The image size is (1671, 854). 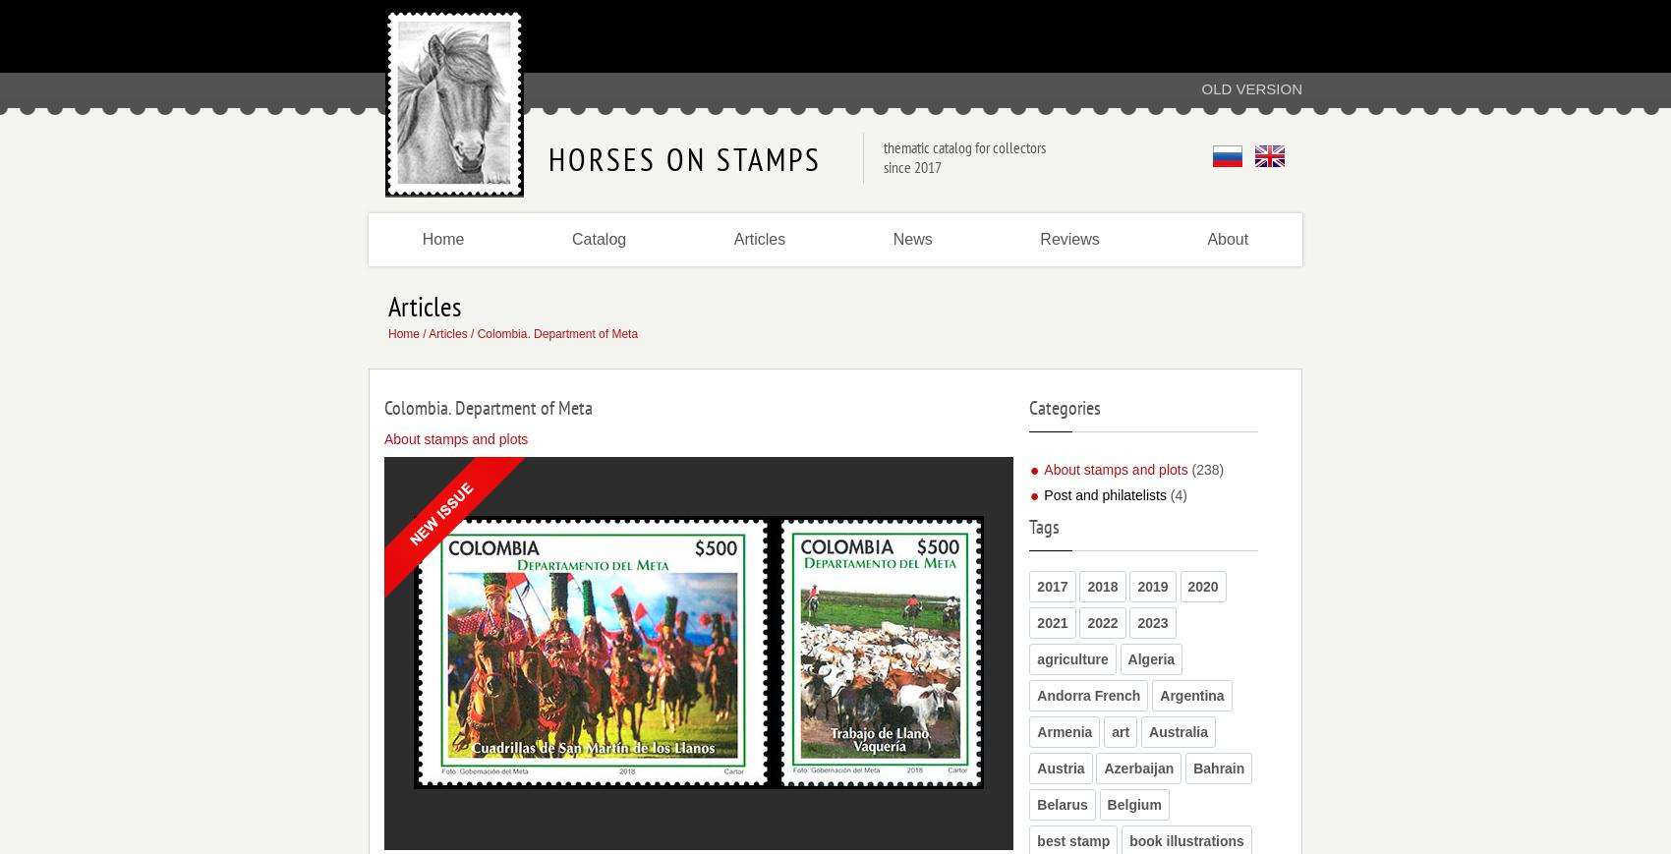 What do you see at coordinates (1250, 87) in the screenshot?
I see `'Old version'` at bounding box center [1250, 87].